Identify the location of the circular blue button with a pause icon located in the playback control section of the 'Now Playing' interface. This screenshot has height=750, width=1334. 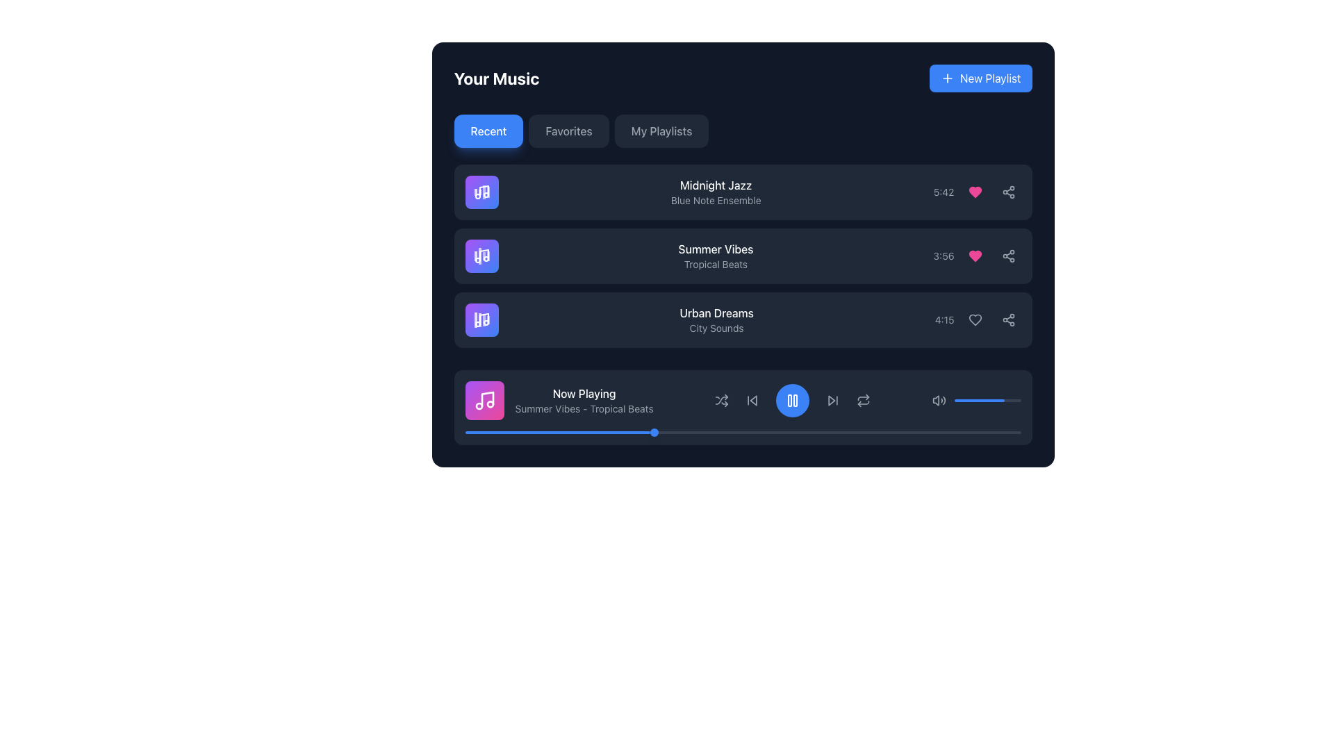
(793, 401).